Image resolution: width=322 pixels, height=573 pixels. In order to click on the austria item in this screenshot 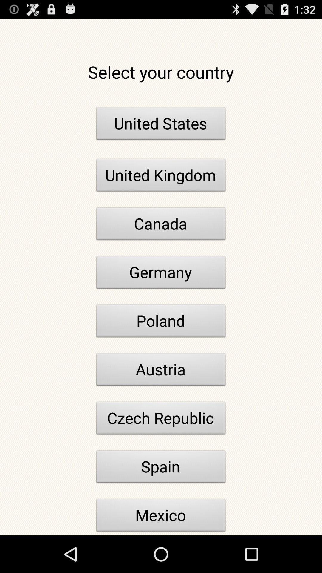, I will do `click(161, 371)`.